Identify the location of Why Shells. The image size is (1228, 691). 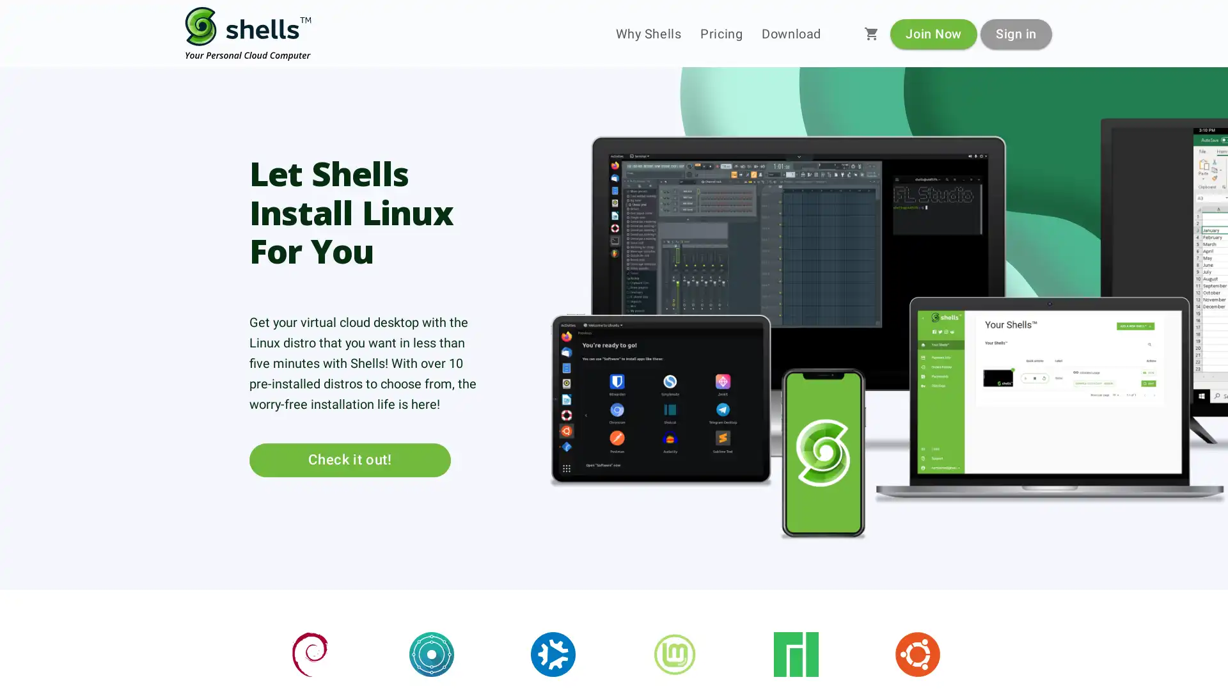
(648, 33).